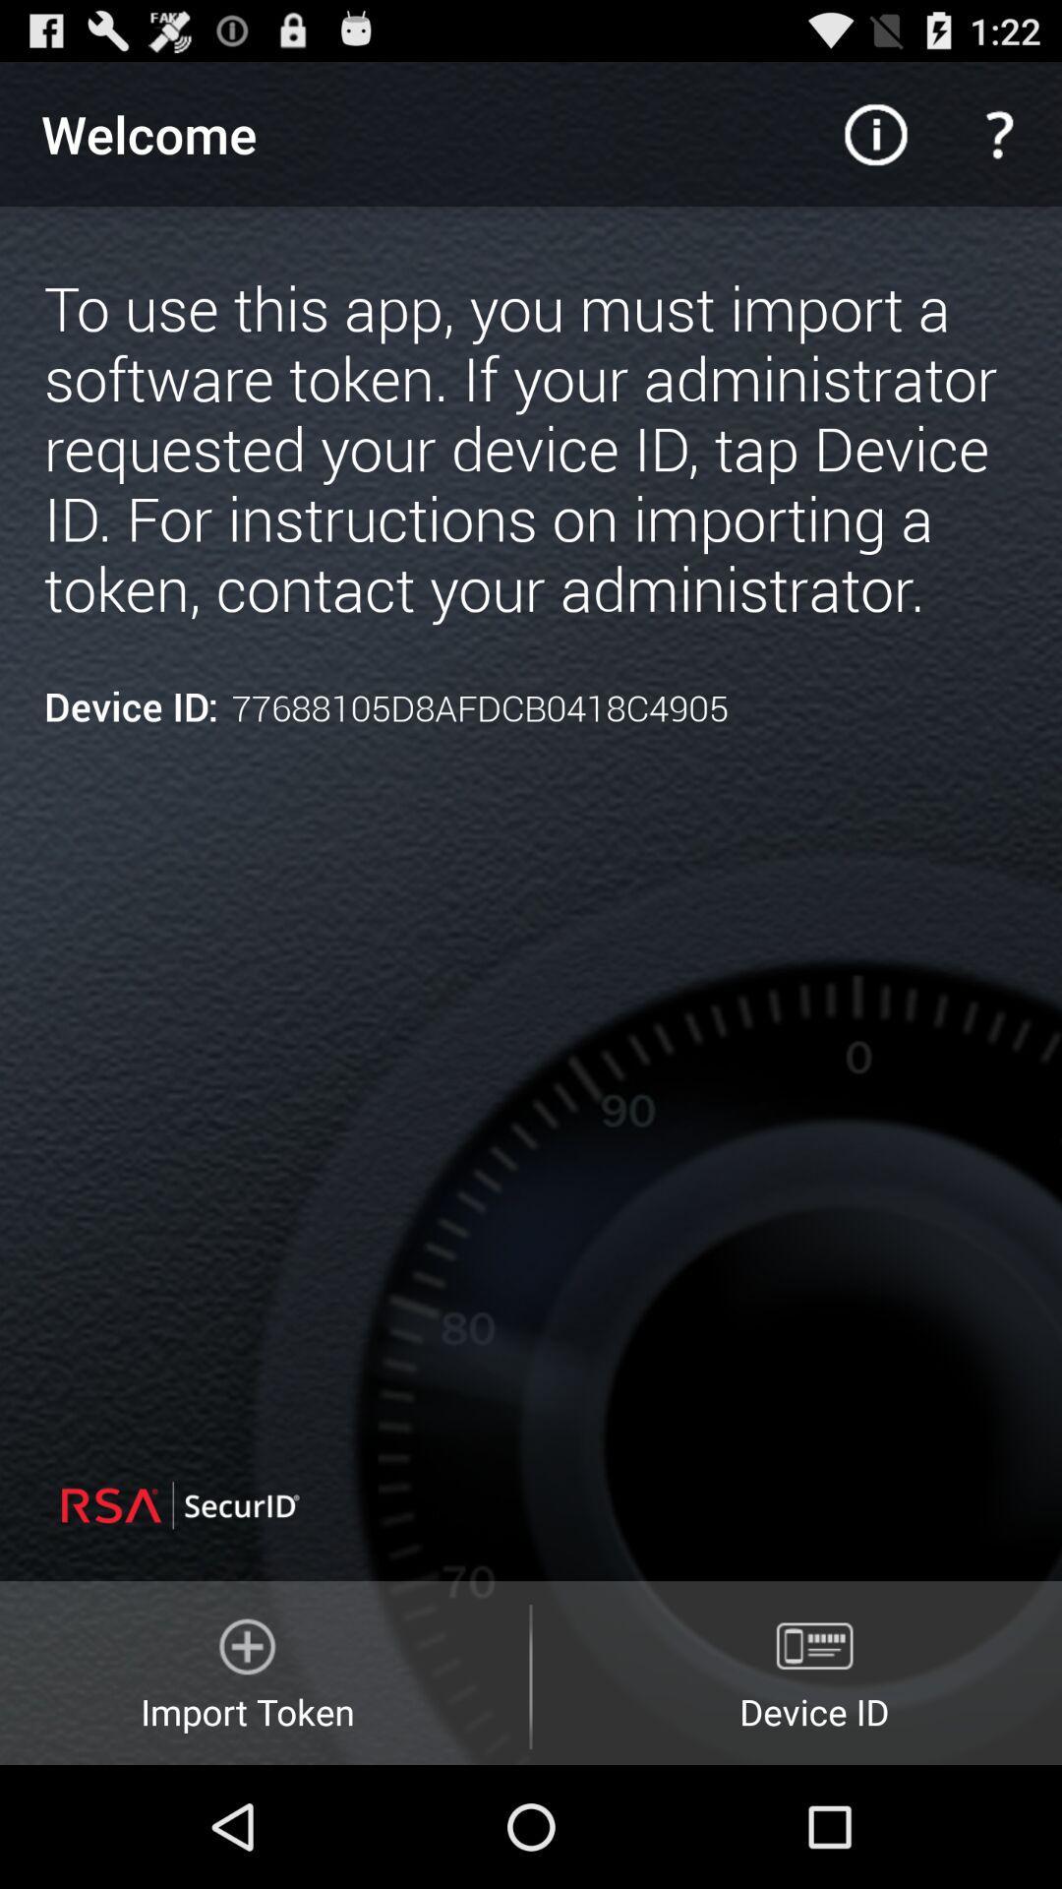 Image resolution: width=1062 pixels, height=1889 pixels. Describe the element at coordinates (875, 134) in the screenshot. I see `the icon which is immediately left to the question mark icon` at that location.